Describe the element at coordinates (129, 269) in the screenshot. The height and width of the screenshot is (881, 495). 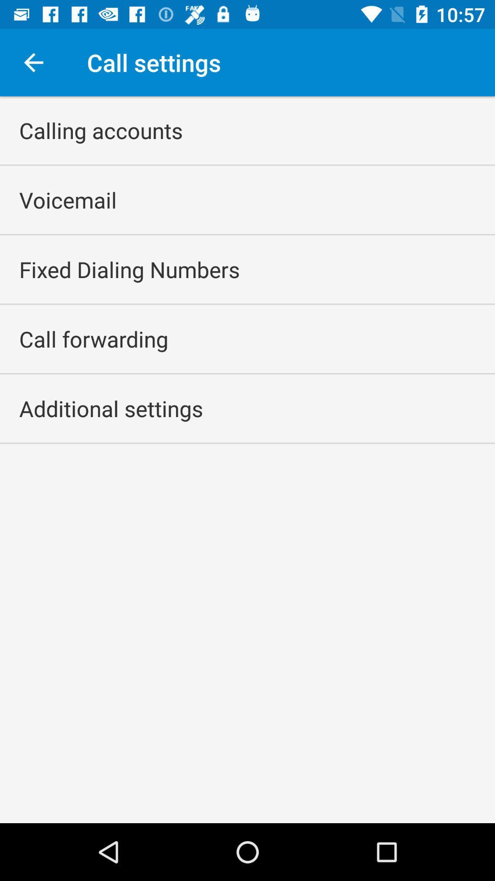
I see `the icon below the voicemail item` at that location.